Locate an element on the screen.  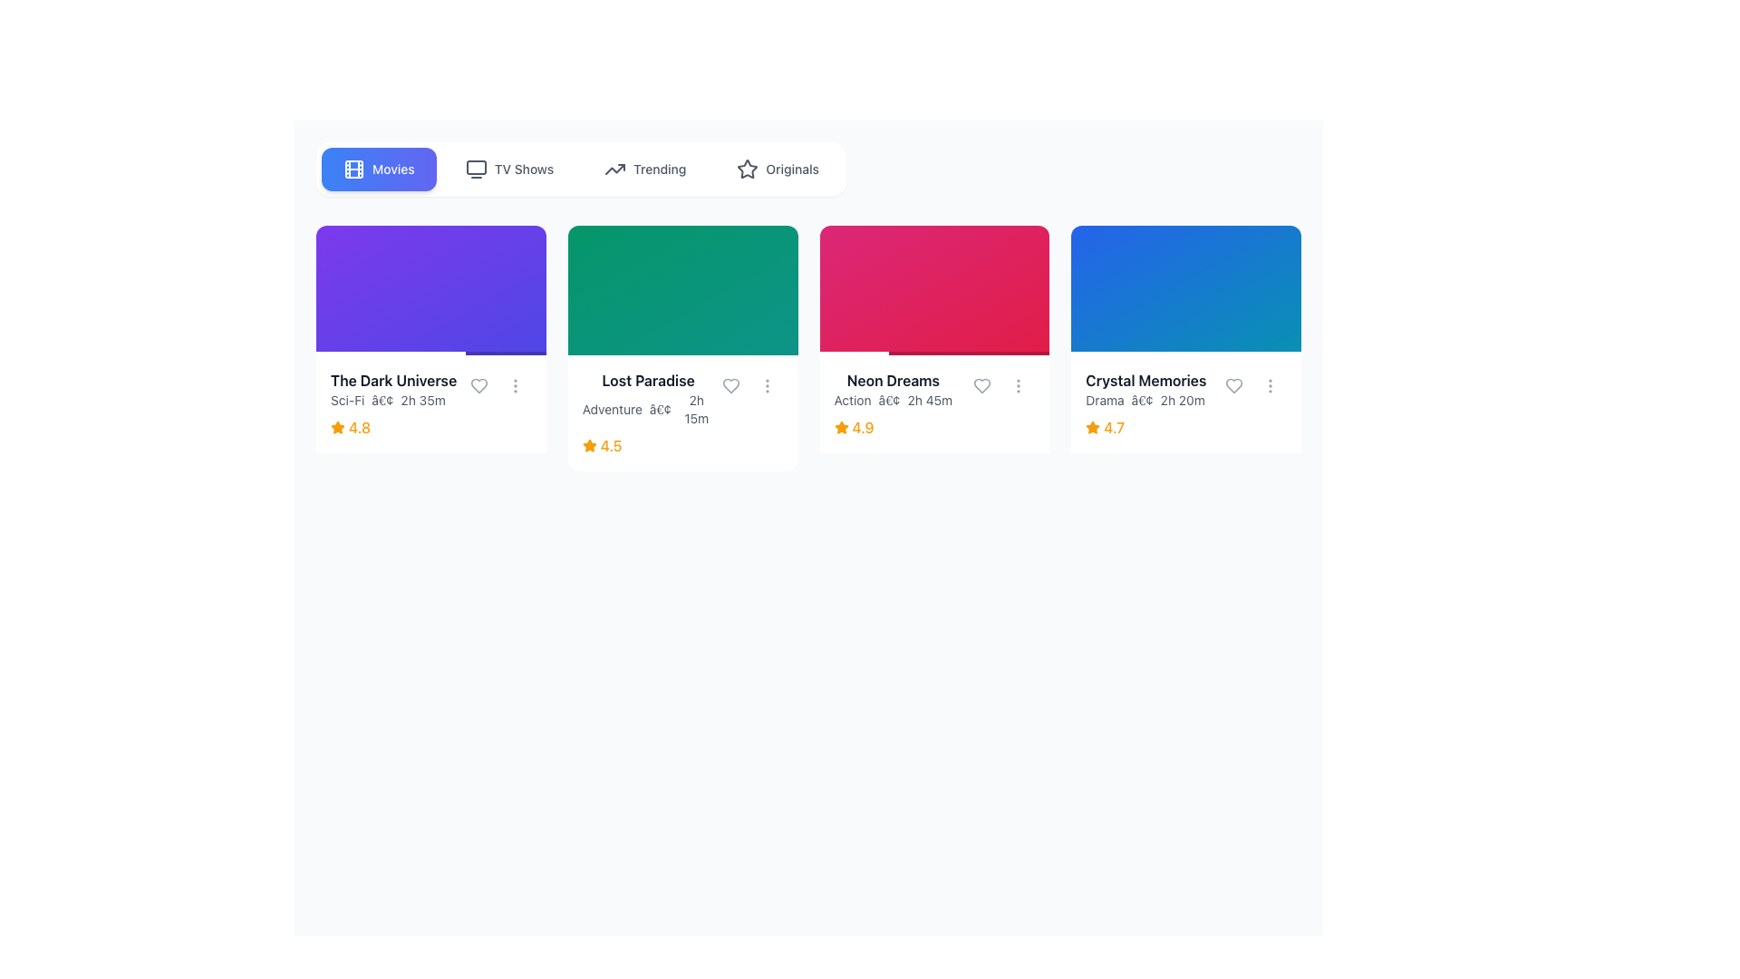
the text block that serves as the title and description area for the movie, located at the bottom-center of the second card in a series of four cards, just above the star rating is located at coordinates (648, 397).